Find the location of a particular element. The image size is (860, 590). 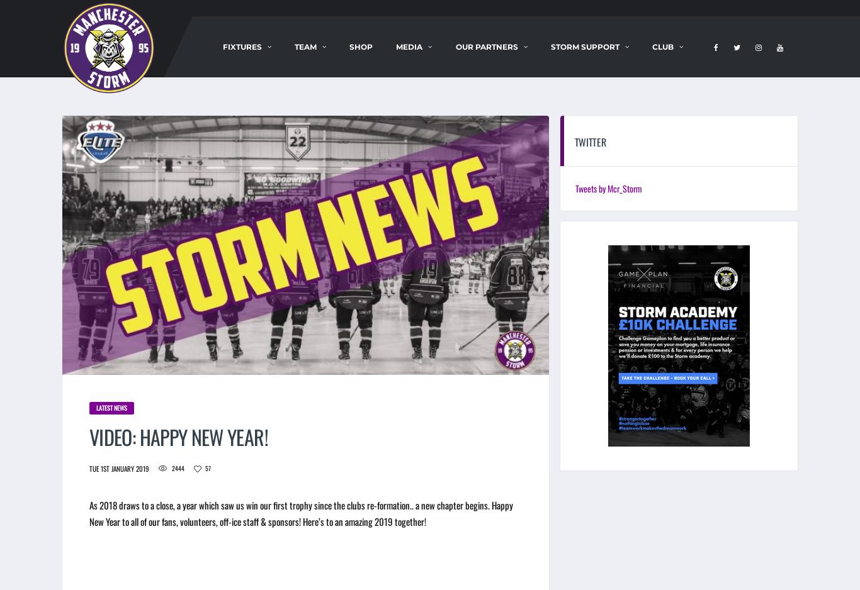

'Season Tickets' is located at coordinates (263, 86).